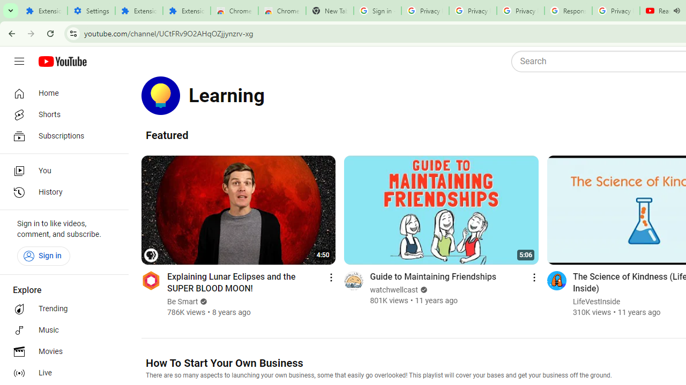 Image resolution: width=686 pixels, height=385 pixels. I want to click on 'Mute tab', so click(676, 11).